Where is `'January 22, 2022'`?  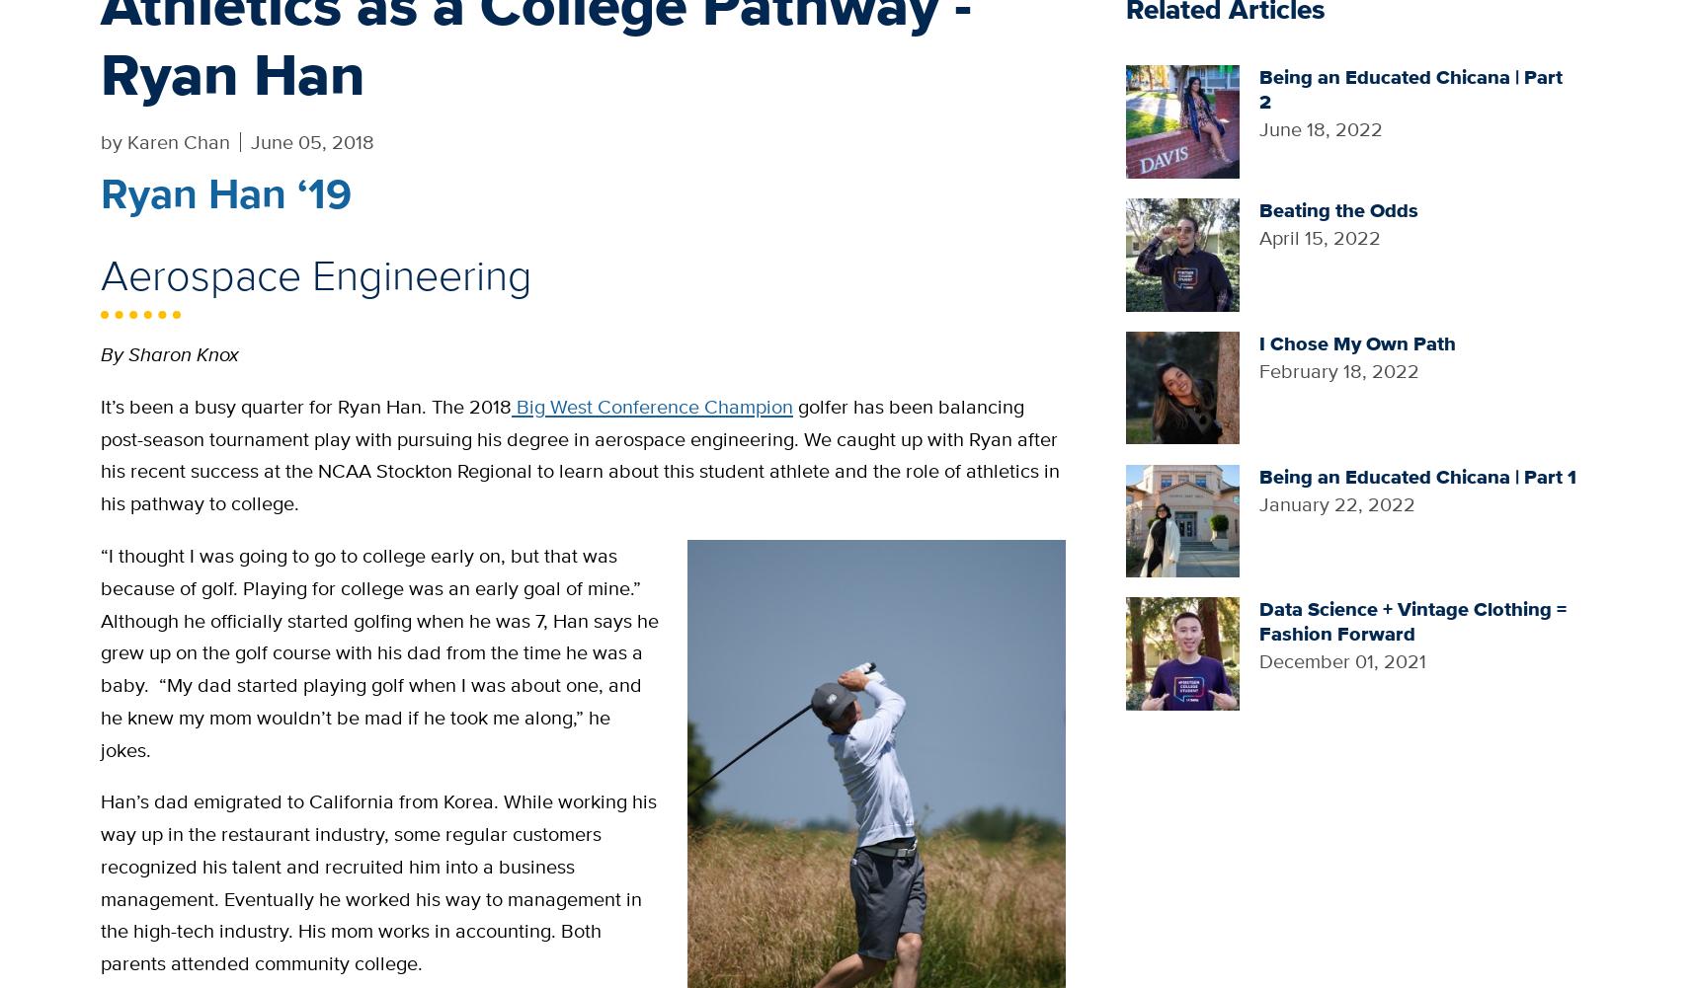 'January 22, 2022' is located at coordinates (1334, 501).